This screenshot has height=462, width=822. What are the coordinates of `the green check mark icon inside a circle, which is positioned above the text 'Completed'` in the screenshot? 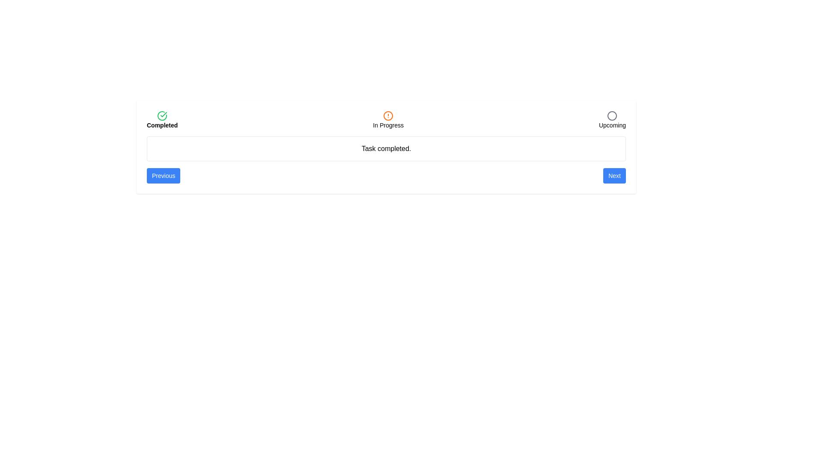 It's located at (162, 115).